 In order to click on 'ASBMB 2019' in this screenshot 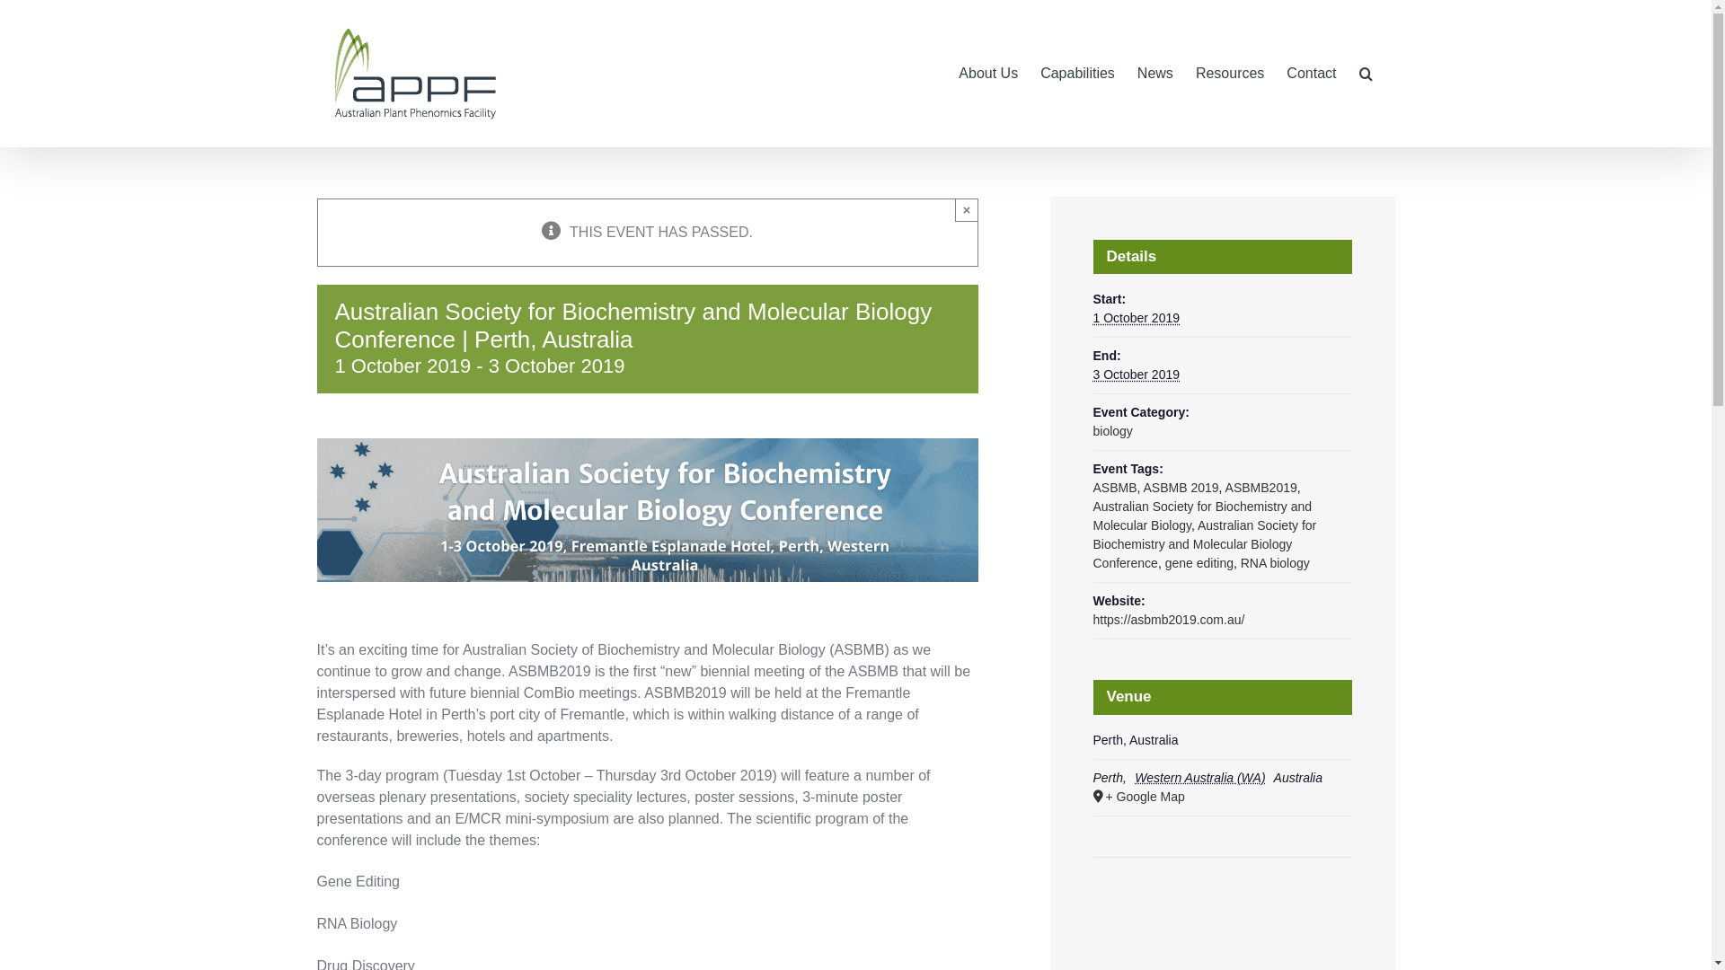, I will do `click(1181, 488)`.